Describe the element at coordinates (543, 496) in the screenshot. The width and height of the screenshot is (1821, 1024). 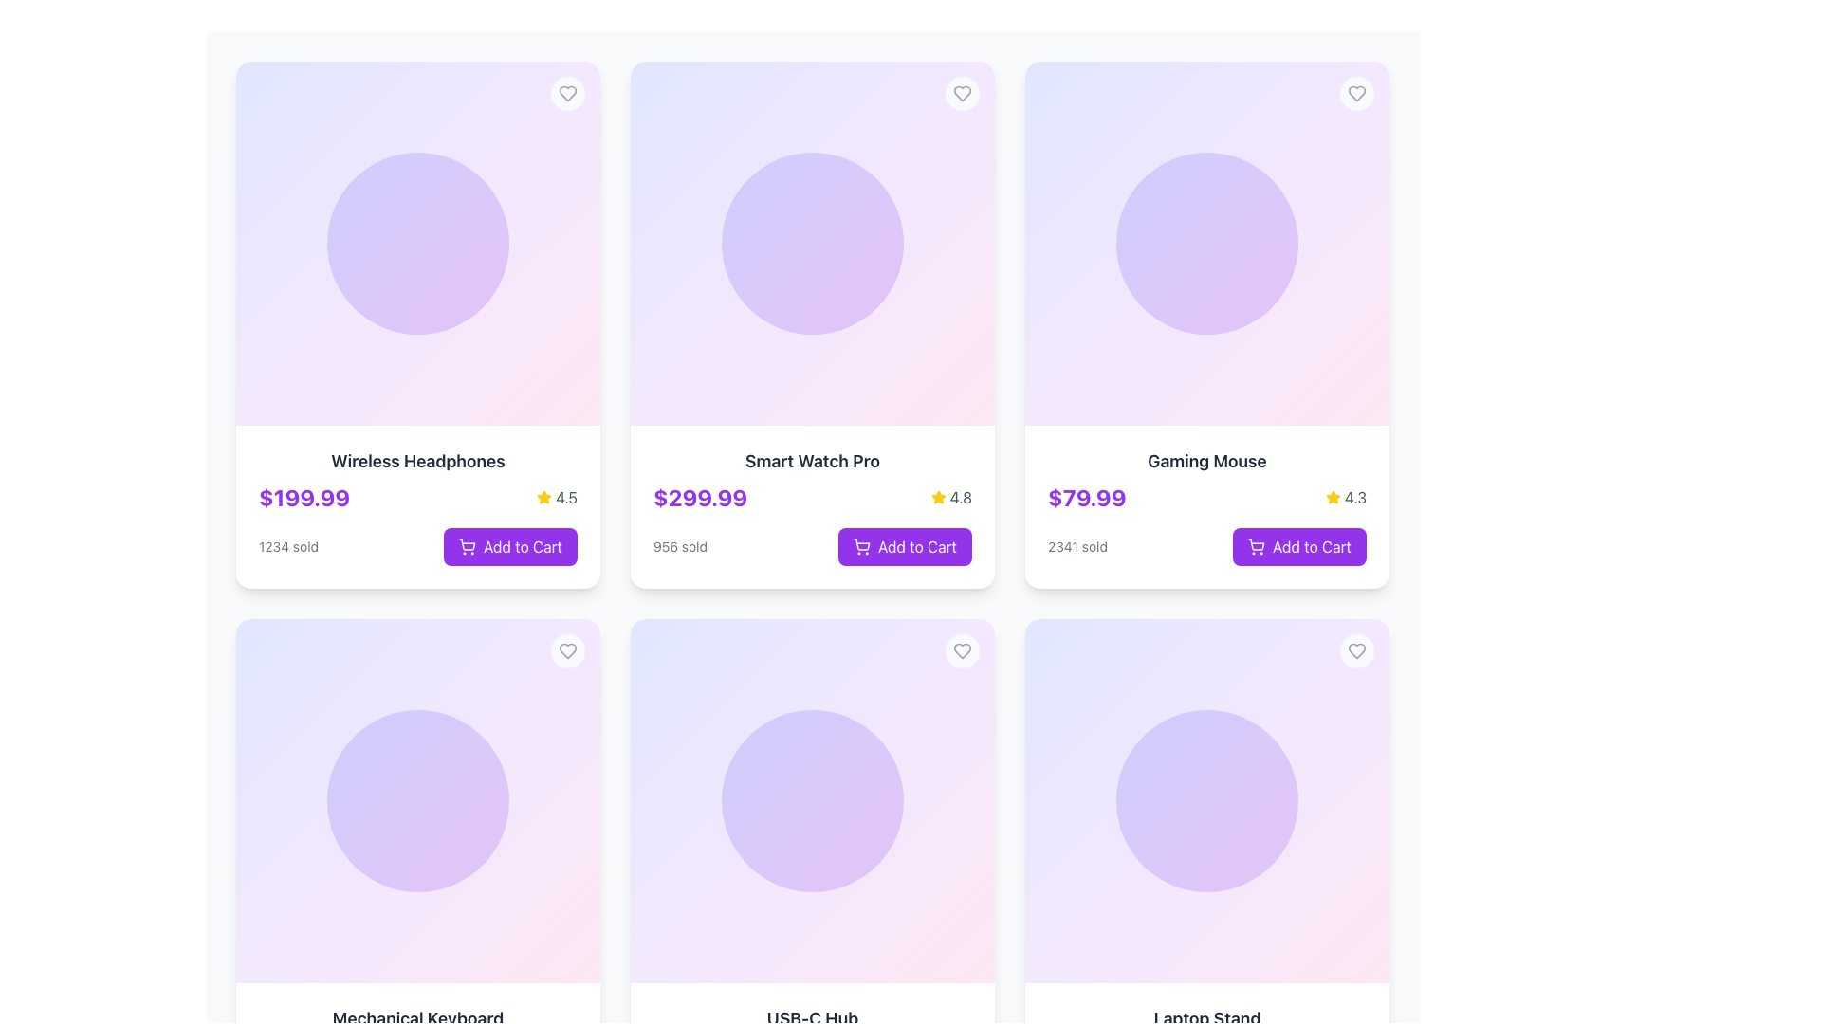
I see `the rating icon located to the left of the numeric rating text '4.5' in the rating section of the product card in the second column of the first row in a grid layout` at that location.